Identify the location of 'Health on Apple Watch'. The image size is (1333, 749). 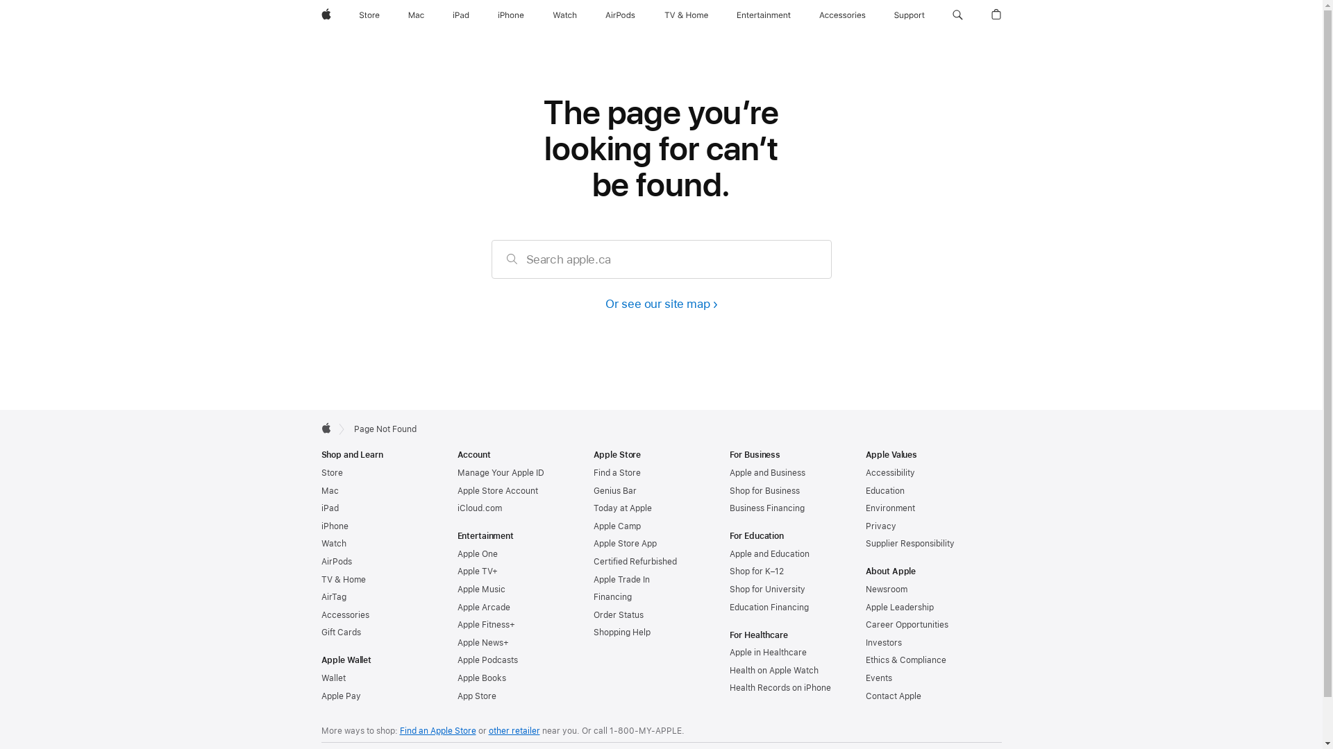
(728, 670).